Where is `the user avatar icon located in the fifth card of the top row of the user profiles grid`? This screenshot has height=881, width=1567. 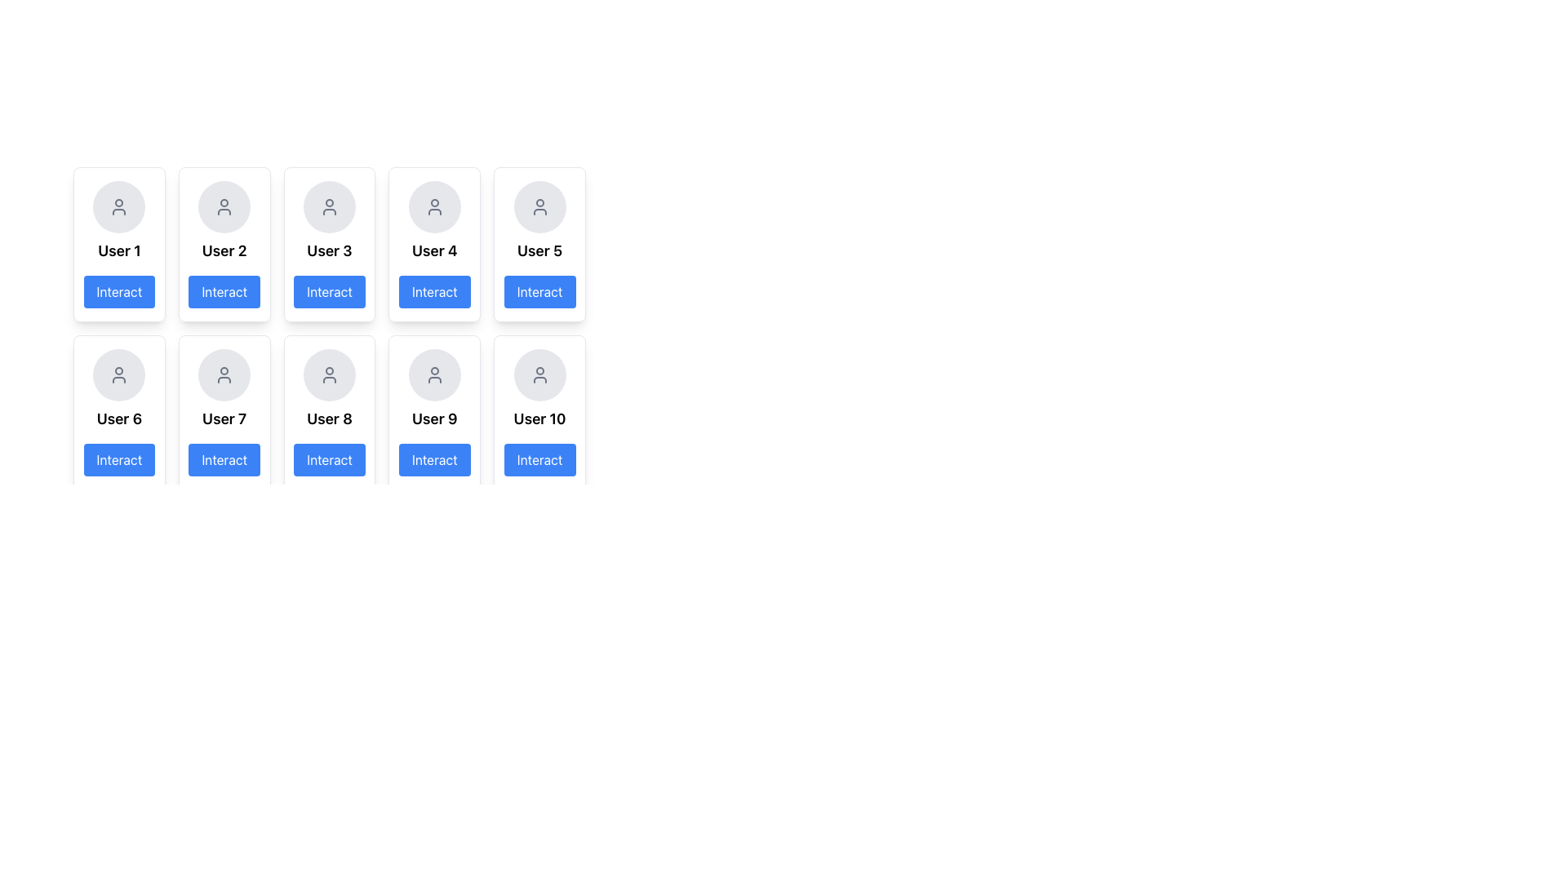
the user avatar icon located in the fifth card of the top row of the user profiles grid is located at coordinates (539, 206).